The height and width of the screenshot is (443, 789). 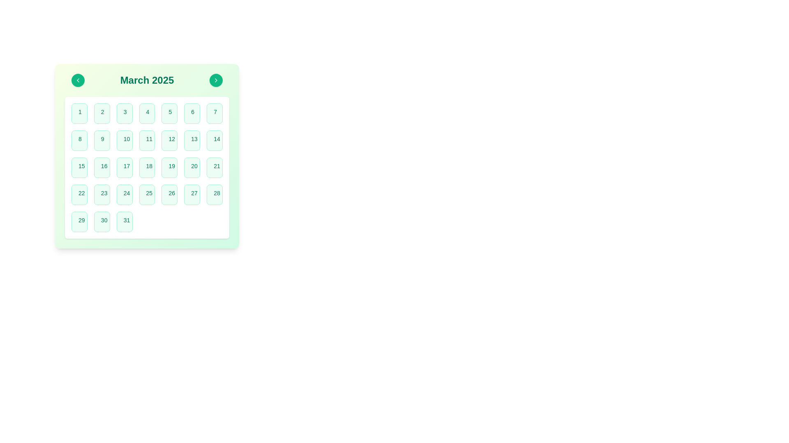 I want to click on the clickable date box representing the 14th day in the calendar's grid layout, so click(x=215, y=140).